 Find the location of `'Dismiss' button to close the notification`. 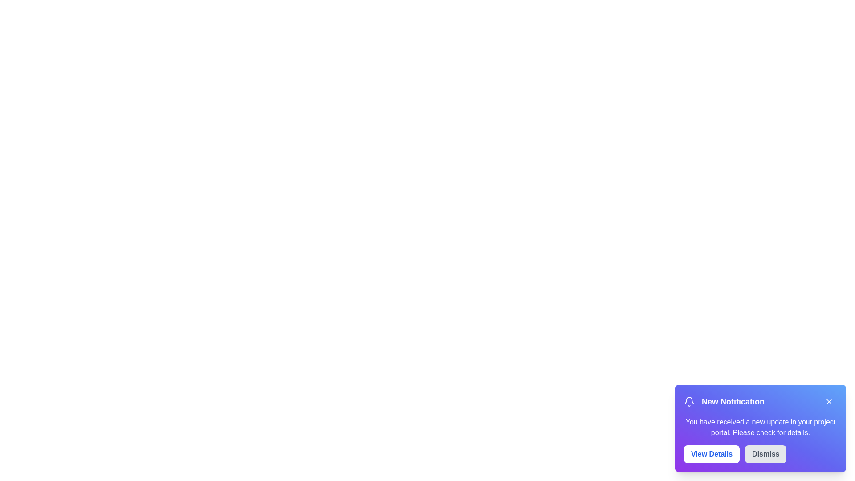

'Dismiss' button to close the notification is located at coordinates (765, 454).